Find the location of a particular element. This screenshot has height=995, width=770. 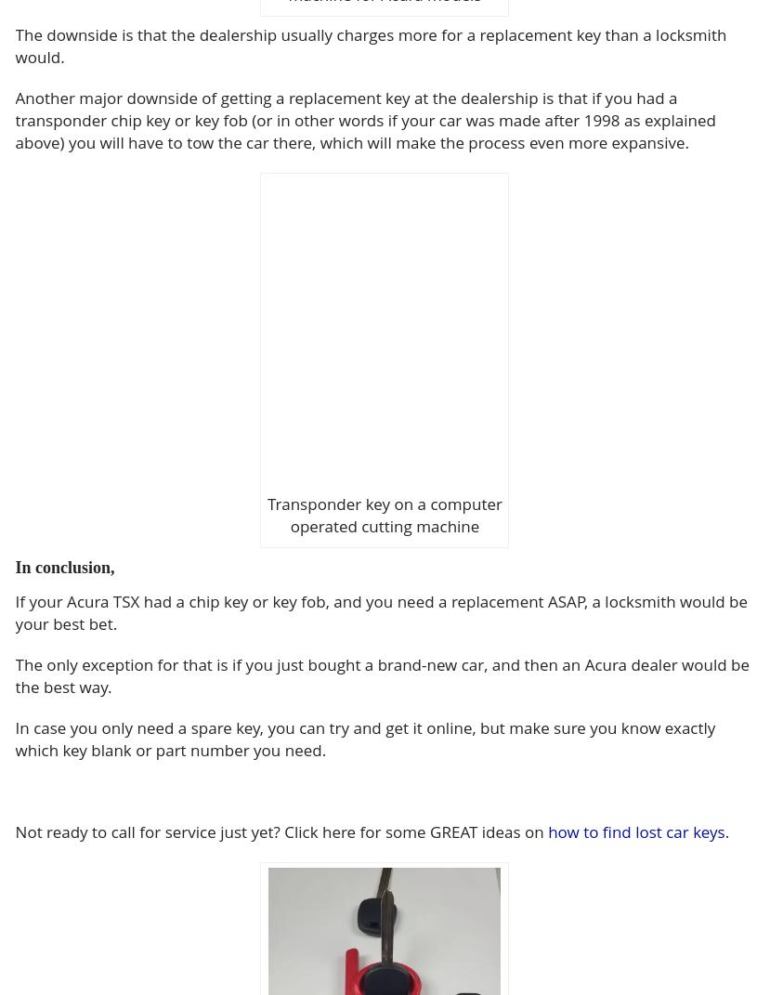

'The downside is that the dealership usually charges more for a replacement key than a locksmith would.' is located at coordinates (370, 45).